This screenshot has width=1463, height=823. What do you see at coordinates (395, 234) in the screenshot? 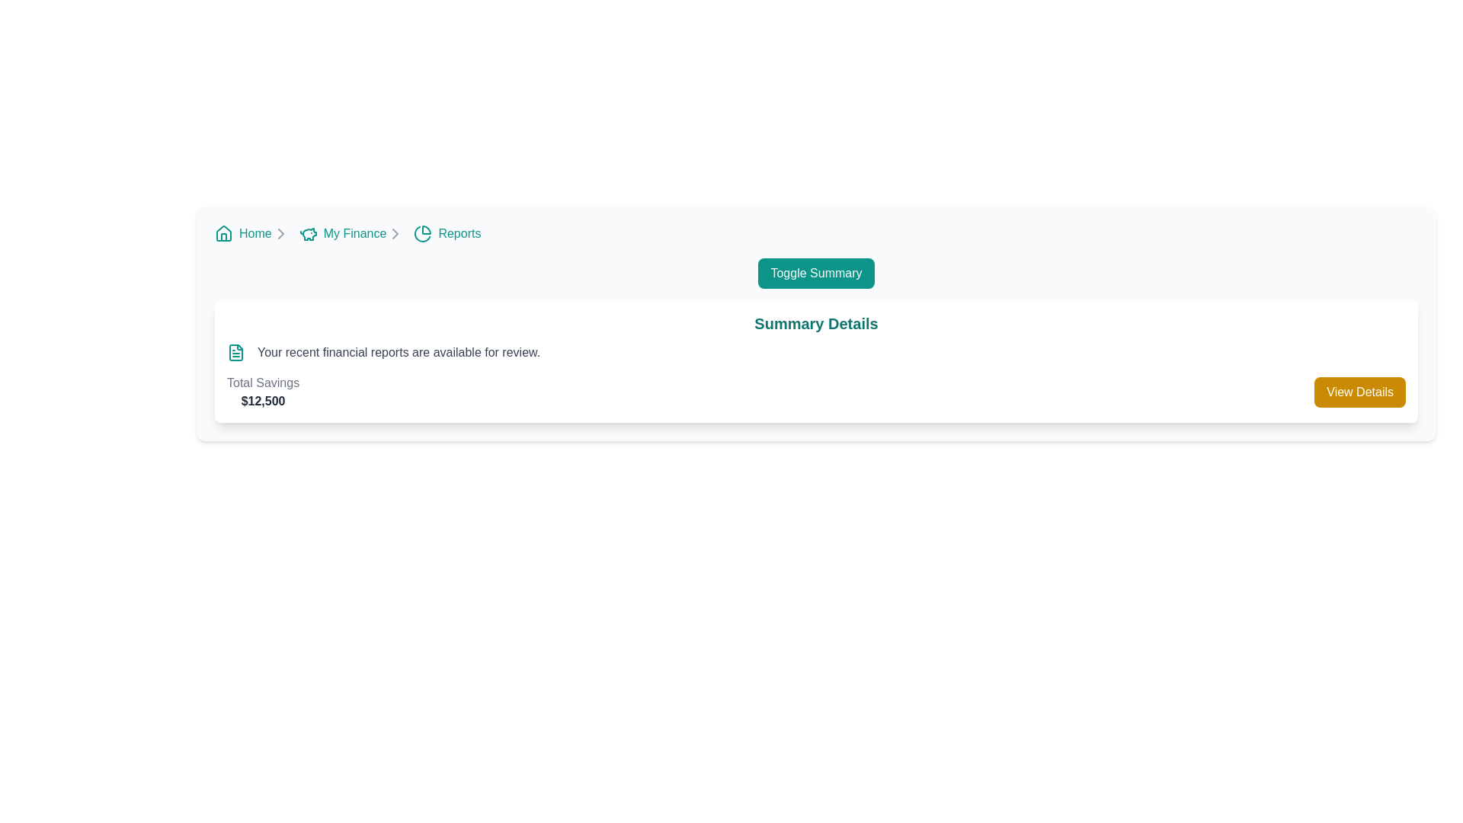
I see `the Chevron icon in the breadcrumb navigation bar, which is positioned immediately after the 'My Finance' link, serving as a visual guide for navigation flow` at bounding box center [395, 234].